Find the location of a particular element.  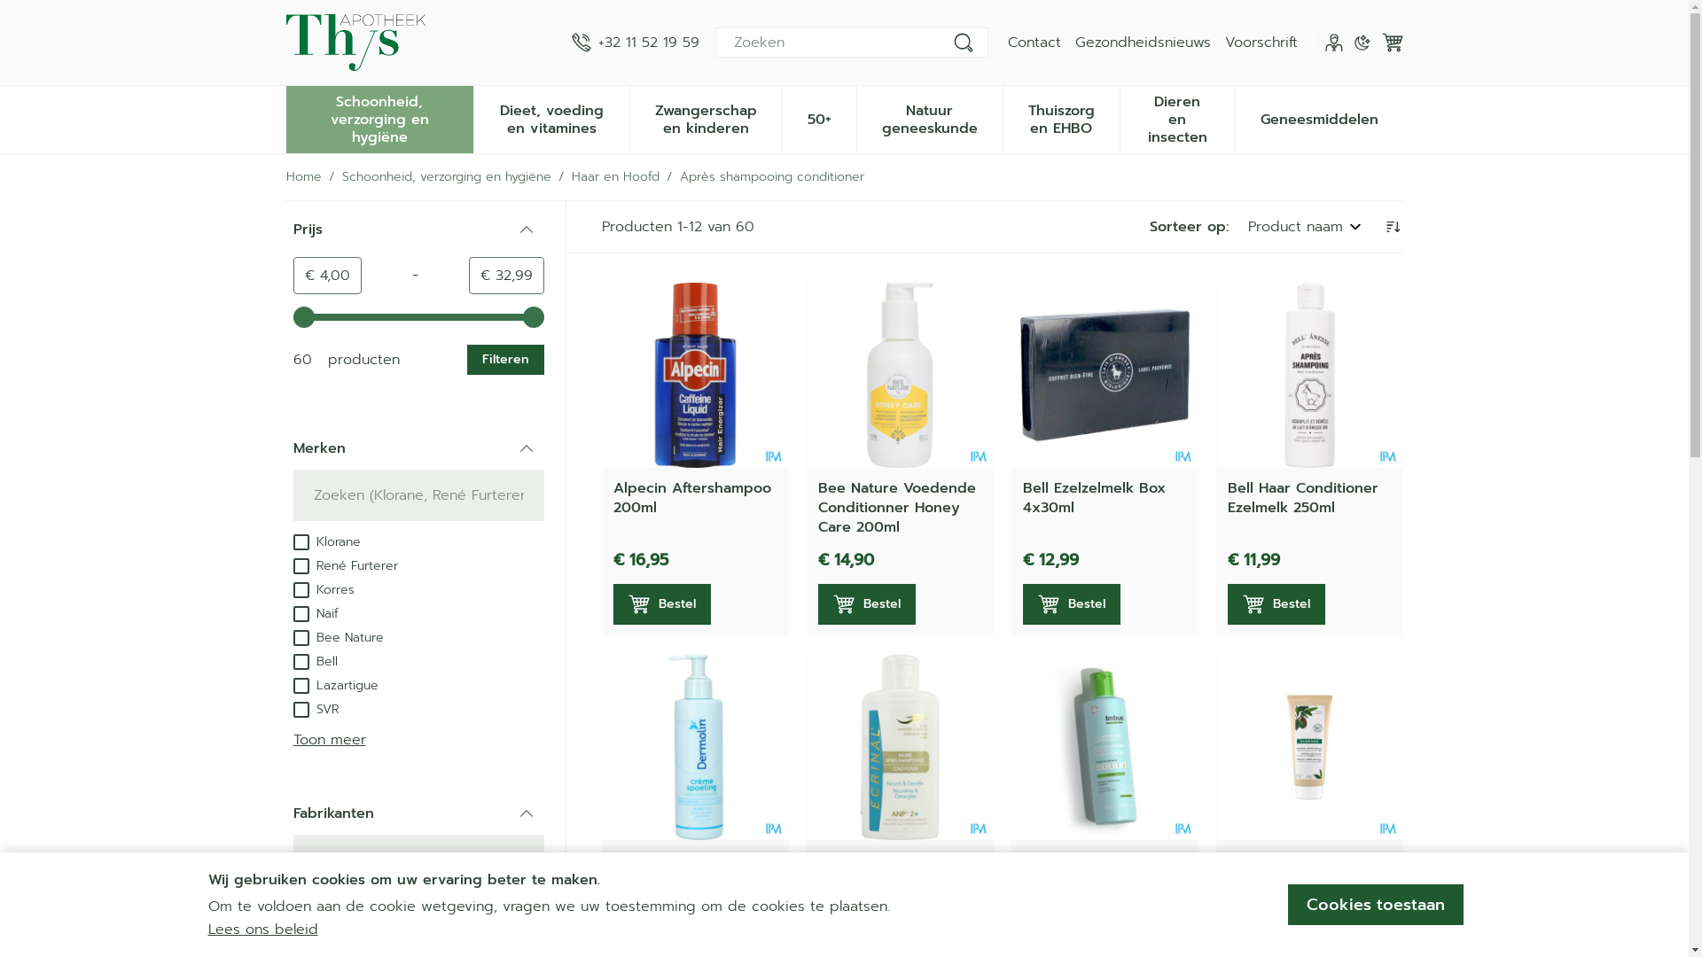

'Aflopende richting instellen' is located at coordinates (1390, 225).